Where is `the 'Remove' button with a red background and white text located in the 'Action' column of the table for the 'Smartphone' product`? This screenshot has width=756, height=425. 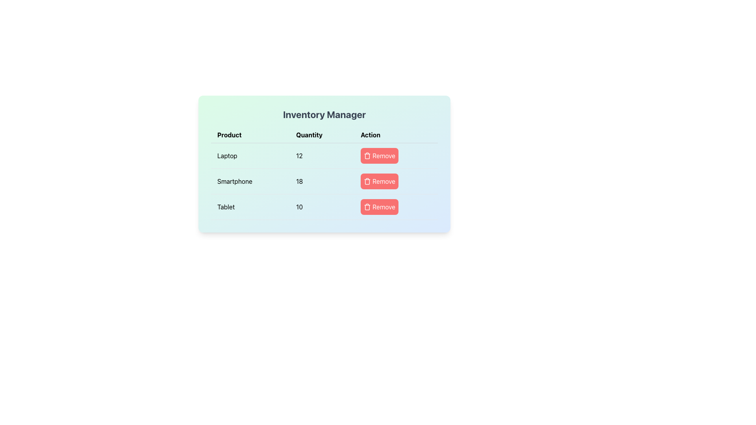
the 'Remove' button with a red background and white text located in the 'Action' column of the table for the 'Smartphone' product is located at coordinates (380, 181).